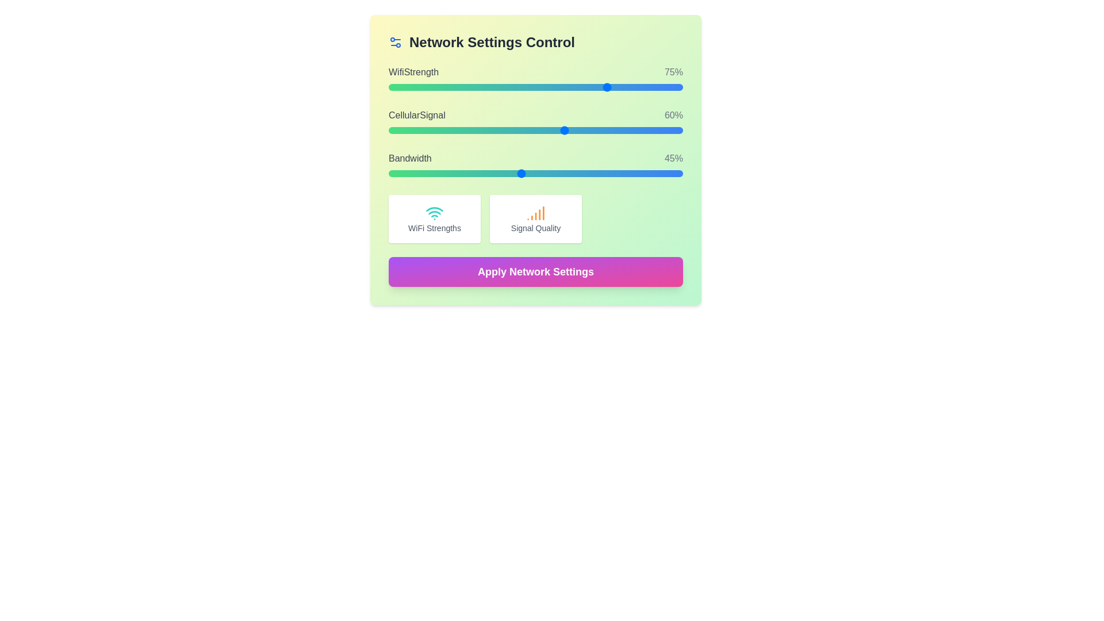 The image size is (1104, 621). Describe the element at coordinates (434, 219) in the screenshot. I see `information from the Informational Card displaying 'WiFi Strengths', which is the first card in a grid below the sliders and has a teal WiFi icon at the top` at that location.